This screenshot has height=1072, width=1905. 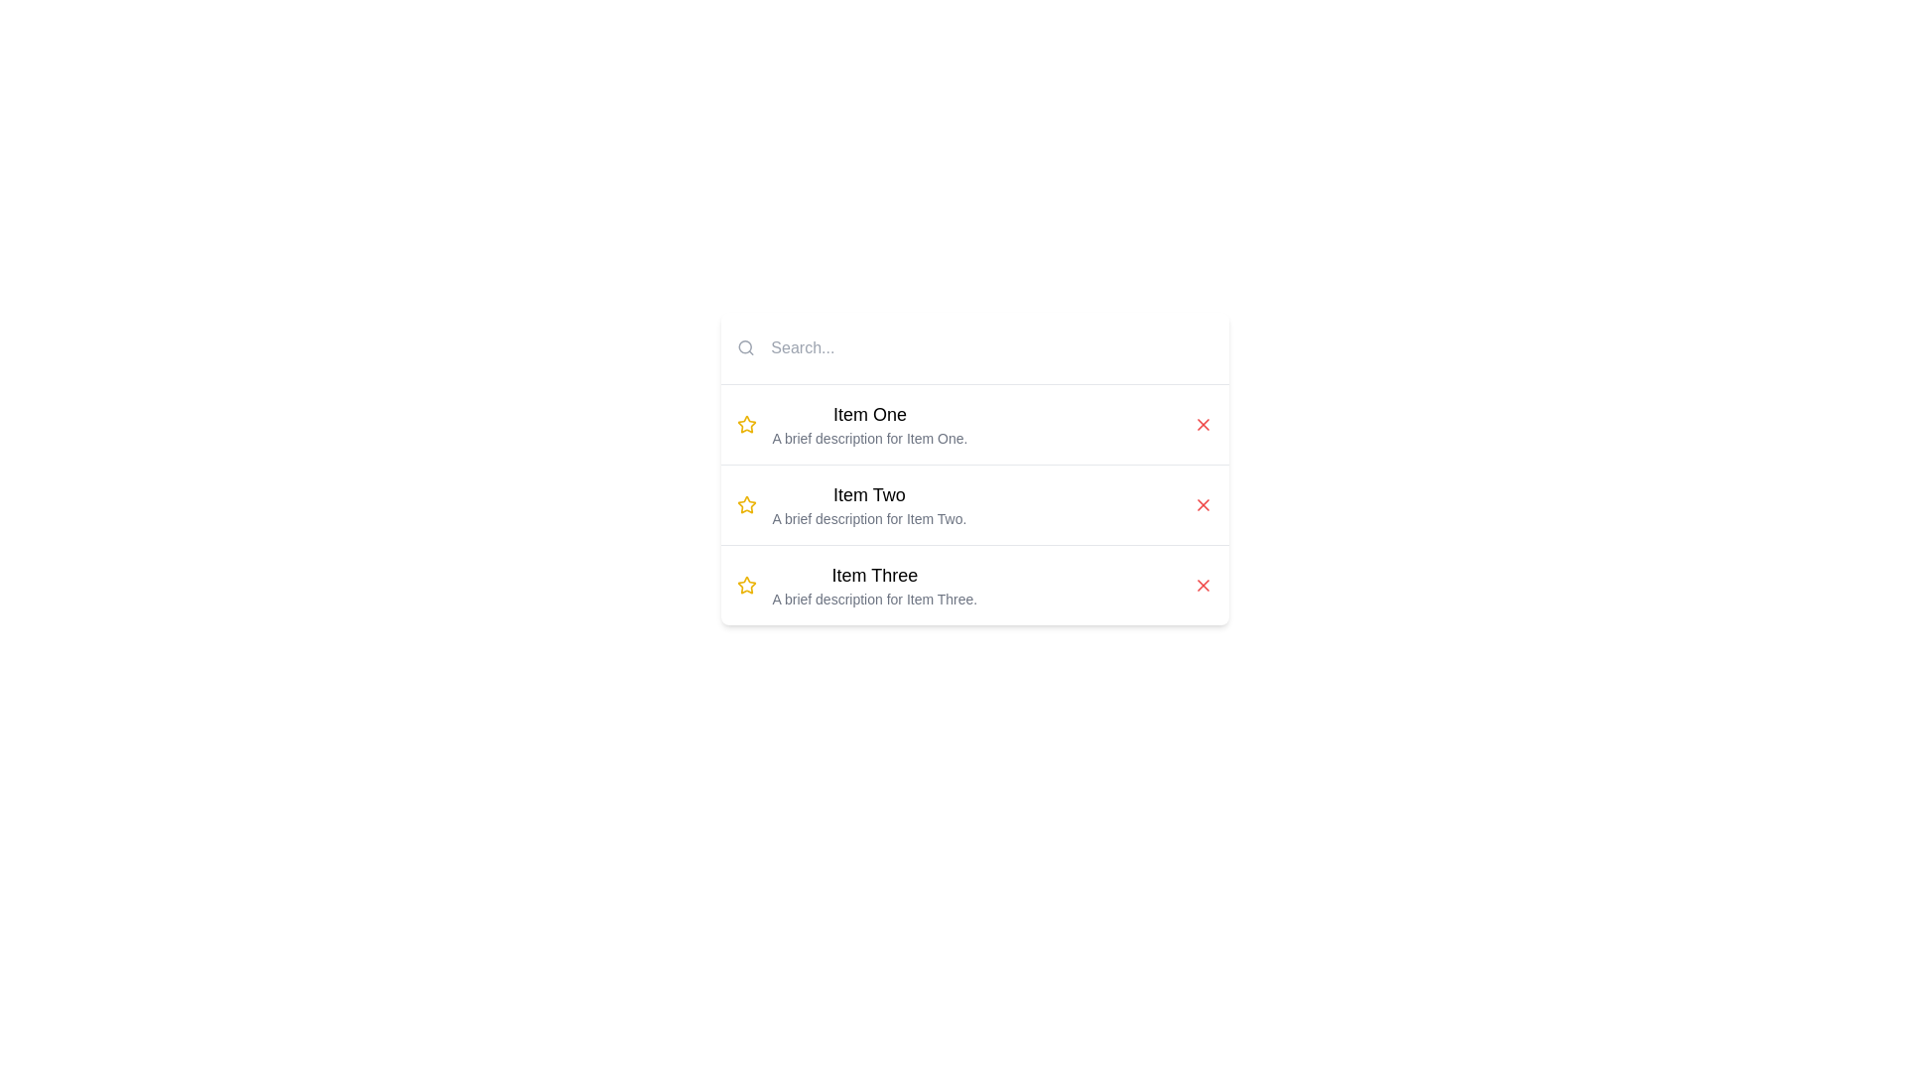 I want to click on the diagonal line element forming part of the 'X' shape in the SVG icon located to the right of 'Item Two', so click(x=1202, y=504).